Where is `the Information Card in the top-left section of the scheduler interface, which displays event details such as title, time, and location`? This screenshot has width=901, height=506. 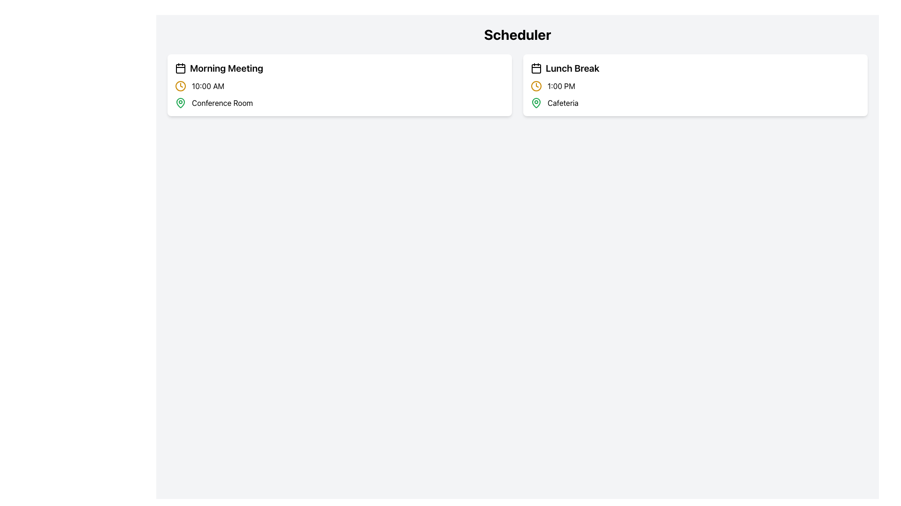
the Information Card in the top-left section of the scheduler interface, which displays event details such as title, time, and location is located at coordinates (339, 85).